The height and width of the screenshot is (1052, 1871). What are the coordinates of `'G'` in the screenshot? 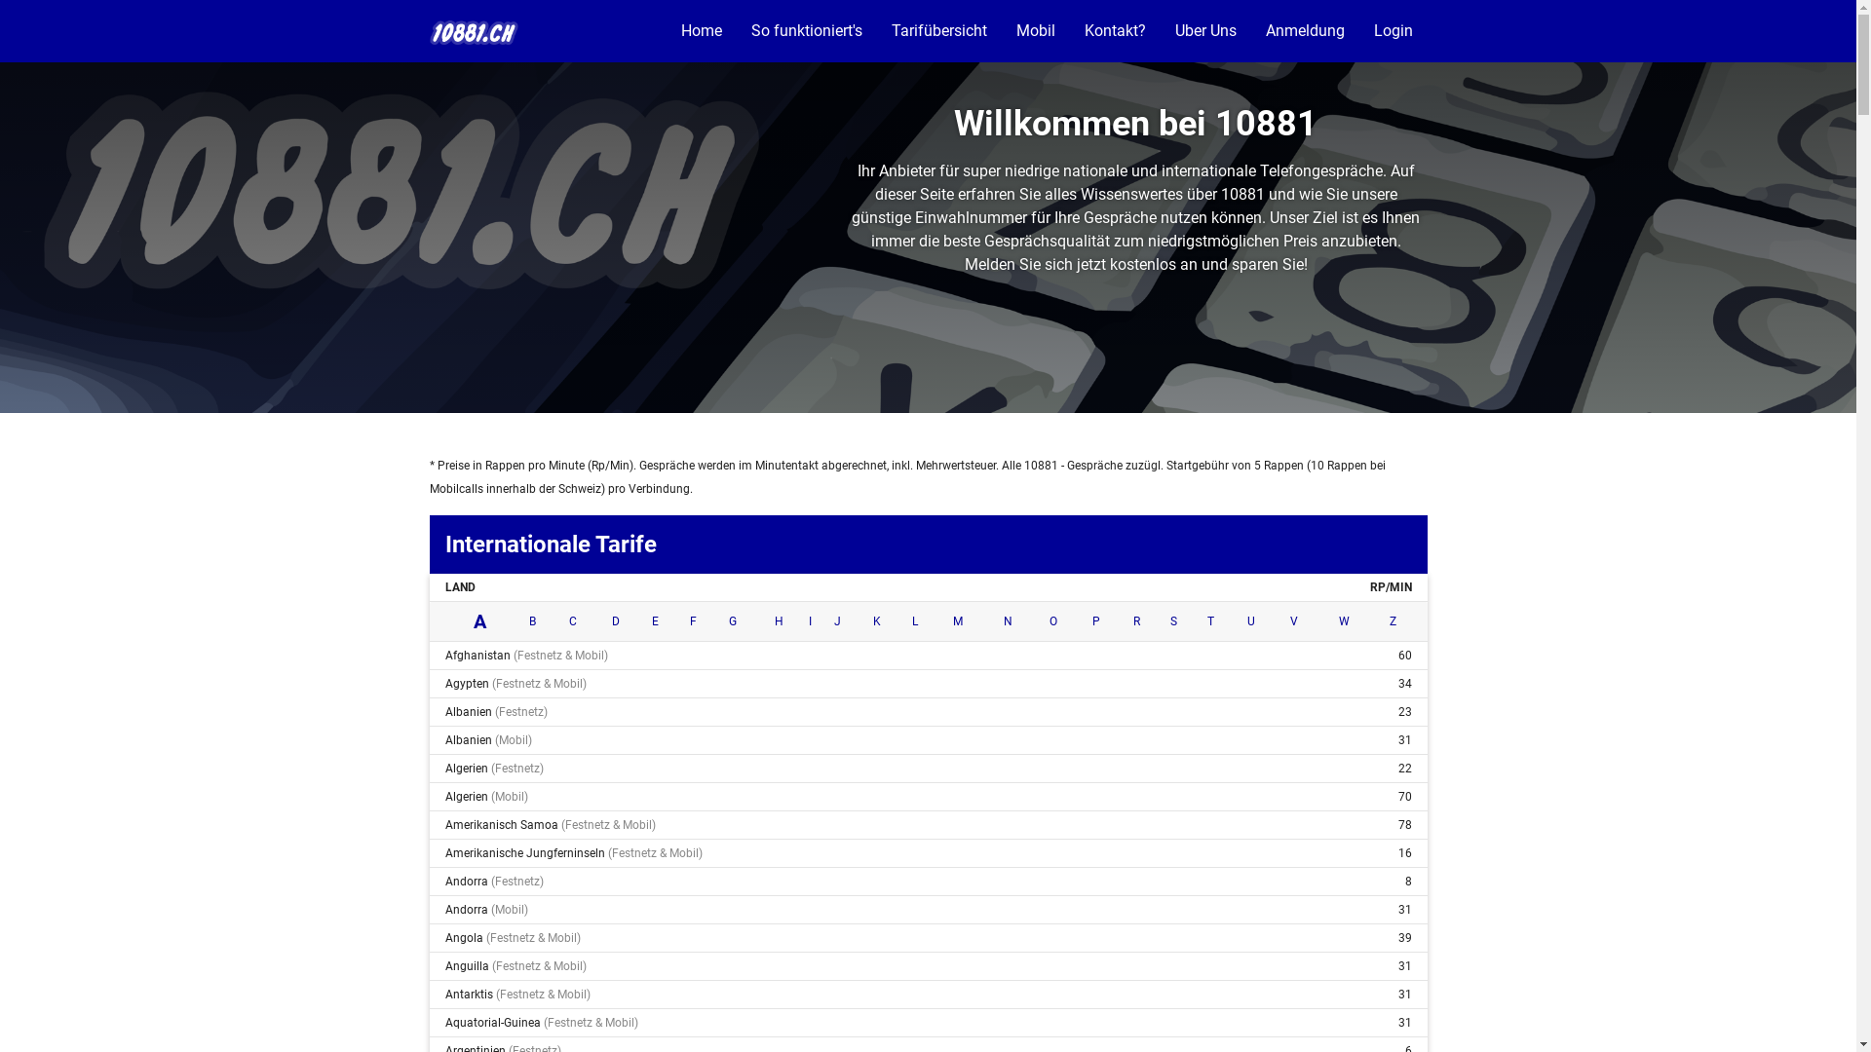 It's located at (732, 620).